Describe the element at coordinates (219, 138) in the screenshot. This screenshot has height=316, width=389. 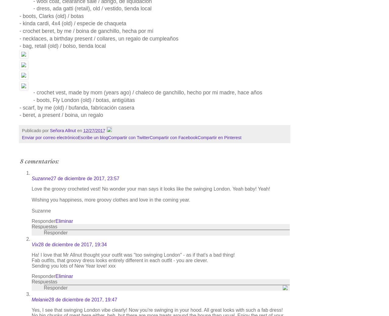
I see `'Compartir en Pinterest'` at that location.